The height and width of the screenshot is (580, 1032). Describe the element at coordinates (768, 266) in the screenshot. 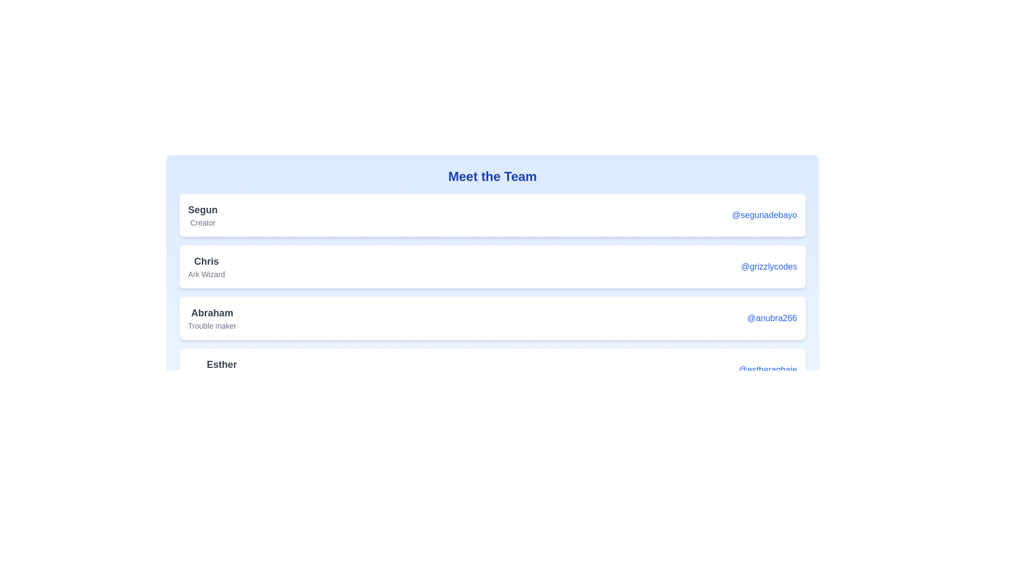

I see `the hyperlink labeled 'Chris' (Ark Wizard)` at that location.